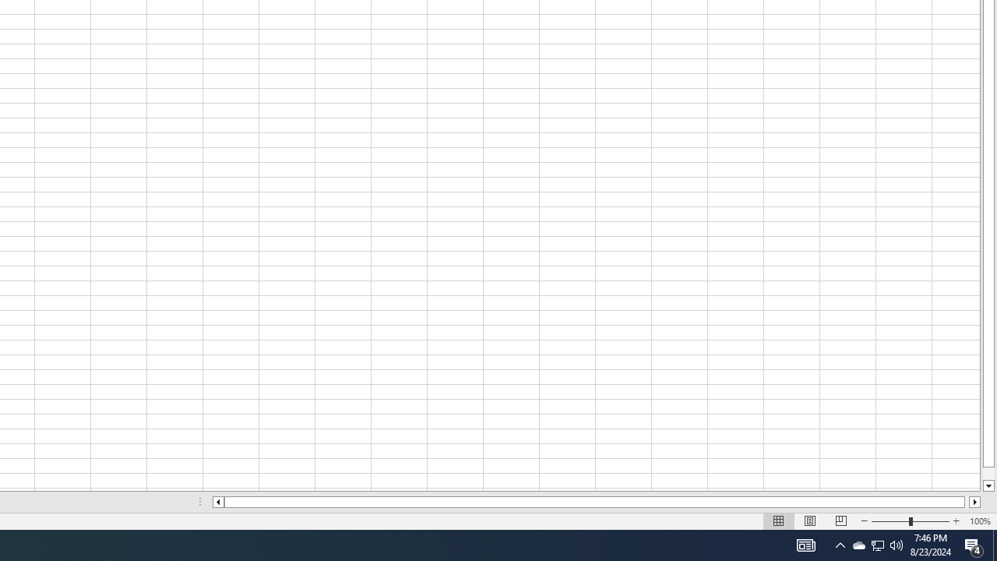  Describe the element at coordinates (596, 502) in the screenshot. I see `'Class: NetUIScrollBar'` at that location.